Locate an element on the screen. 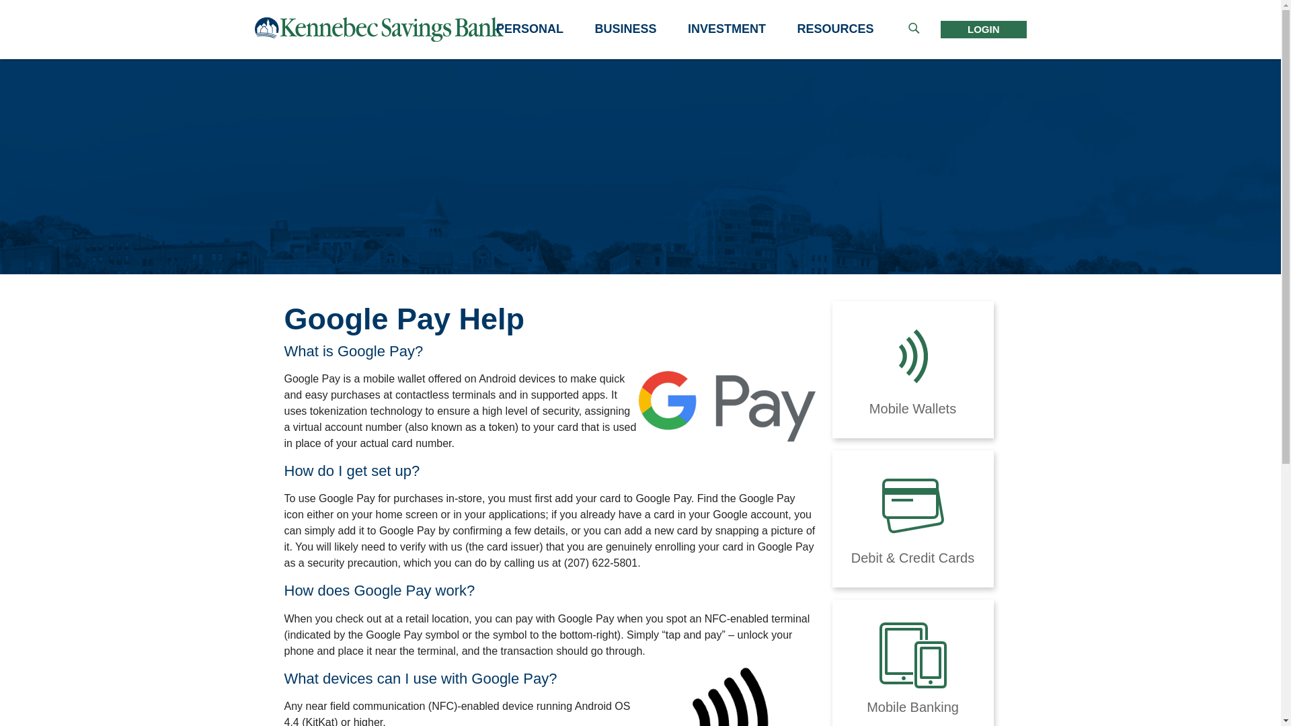  'PERSONAL' is located at coordinates (529, 29).